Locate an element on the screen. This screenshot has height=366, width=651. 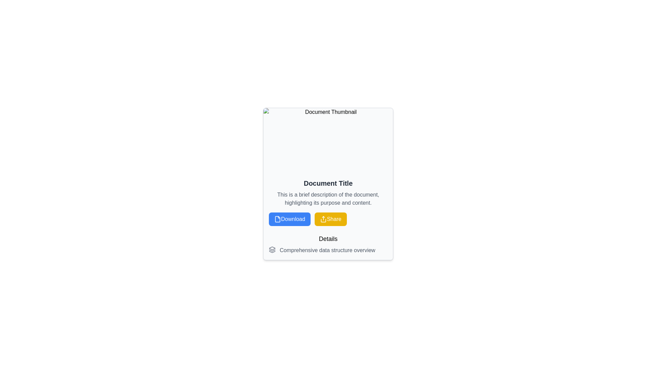
text element located below the 'Details' header, which summarizes or categorizes information about data structure overviews is located at coordinates (328, 250).